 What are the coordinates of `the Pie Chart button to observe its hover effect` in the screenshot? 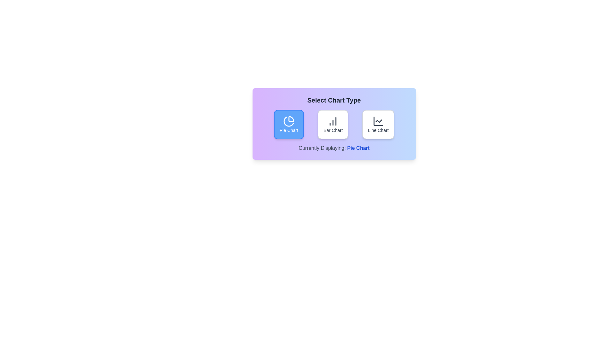 It's located at (288, 124).